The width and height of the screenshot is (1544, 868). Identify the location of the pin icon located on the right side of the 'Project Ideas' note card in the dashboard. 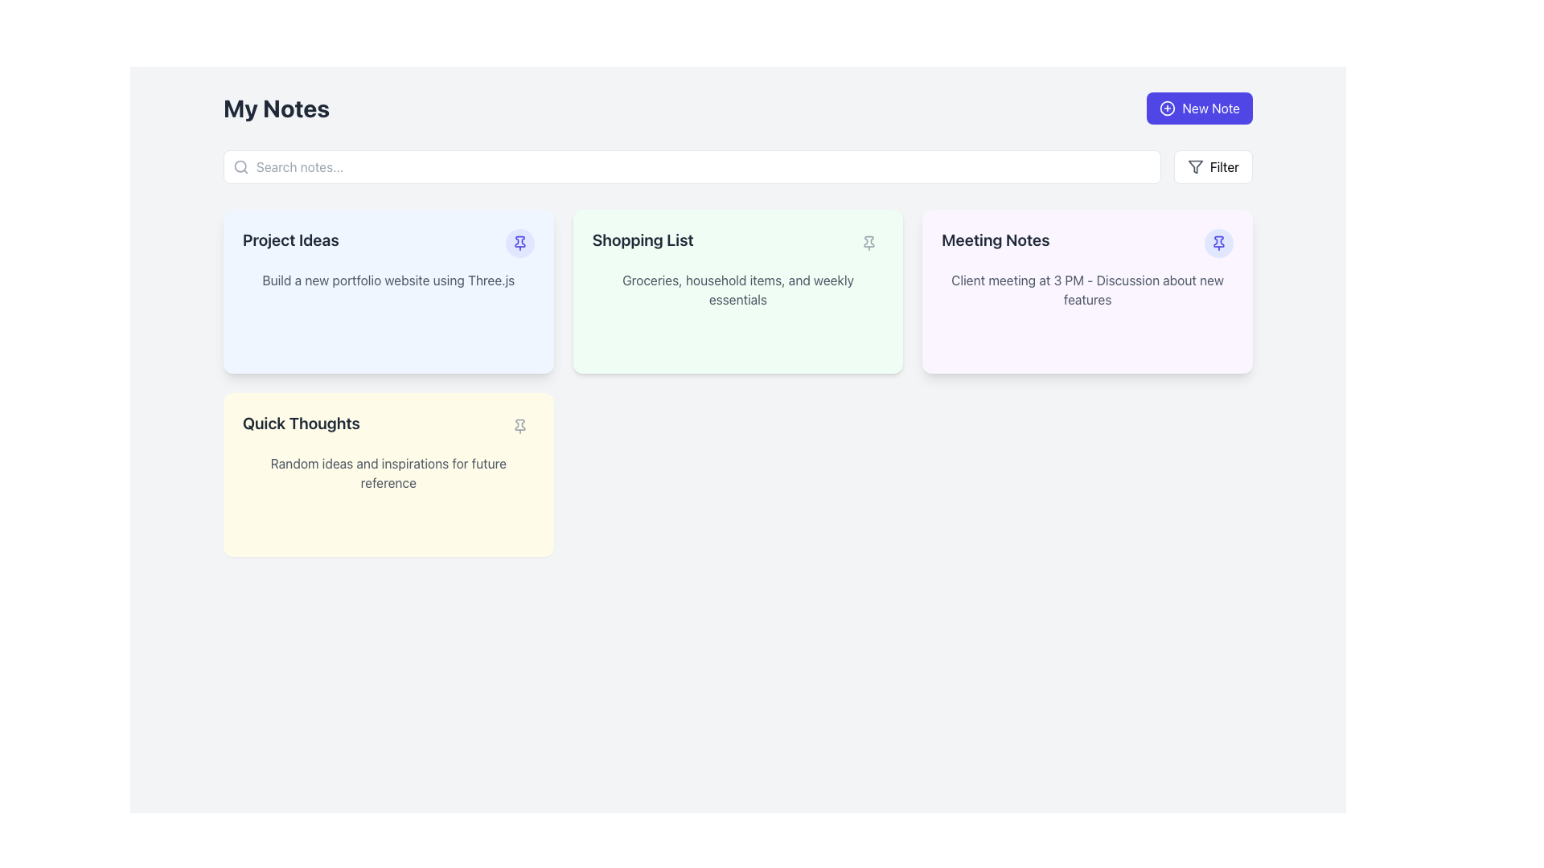
(1219, 244).